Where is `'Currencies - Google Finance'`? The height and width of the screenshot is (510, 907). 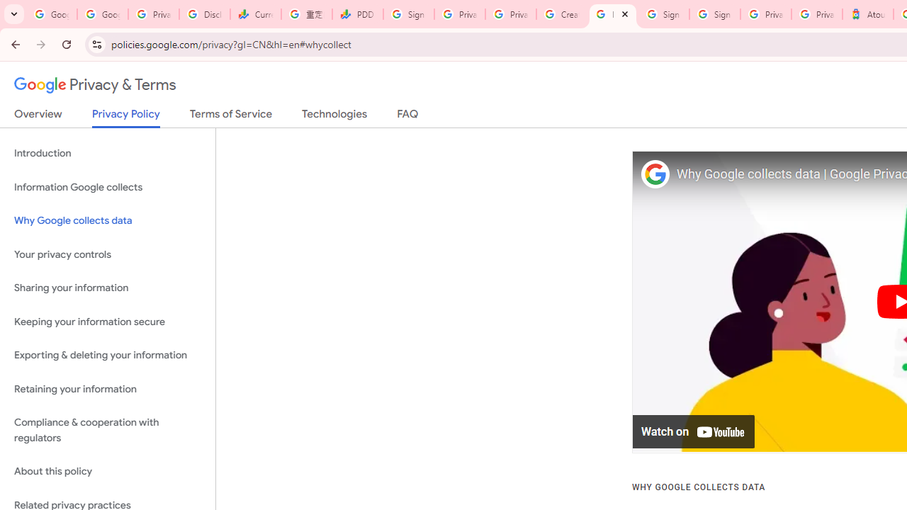
'Currencies - Google Finance' is located at coordinates (255, 14).